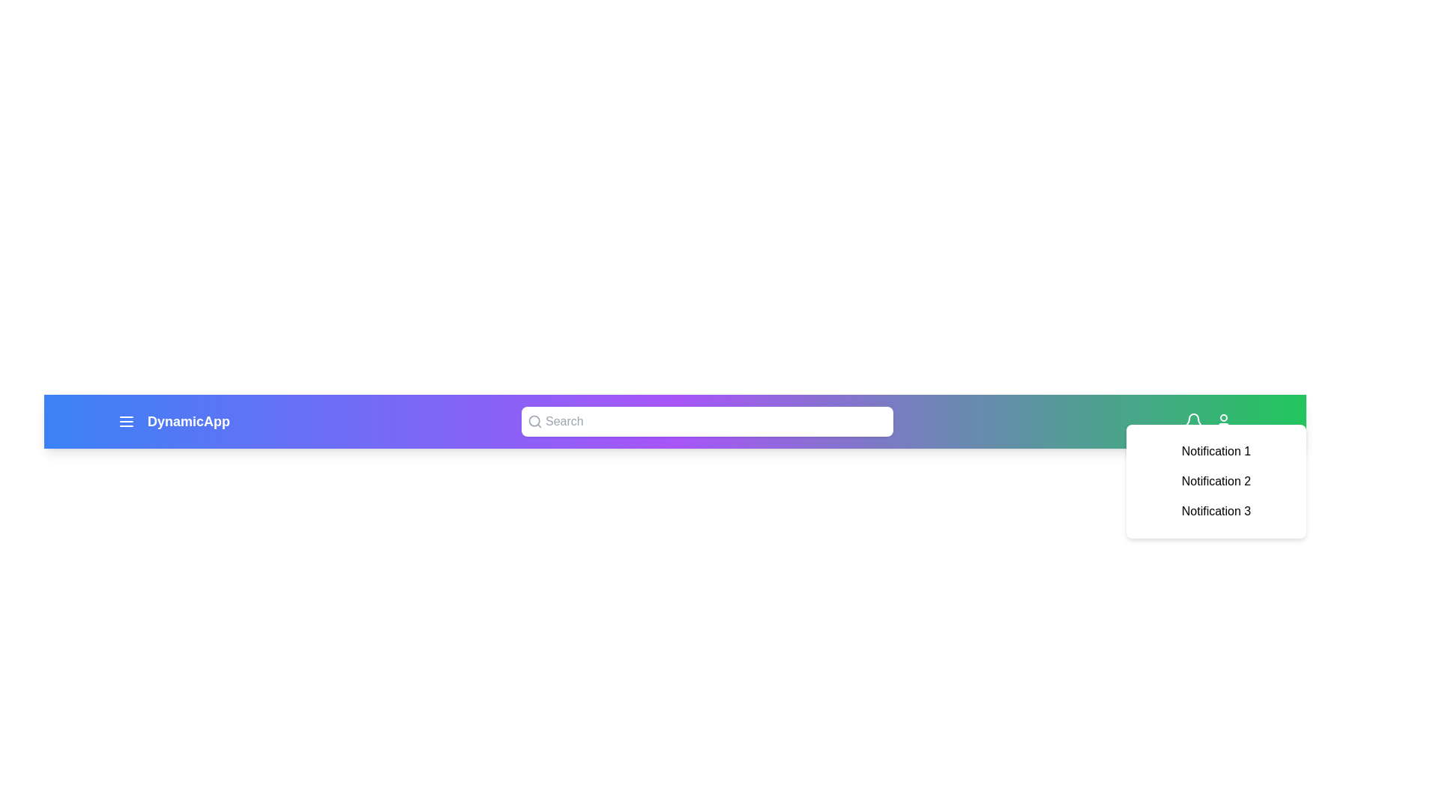 This screenshot has height=809, width=1439. What do you see at coordinates (1223, 422) in the screenshot?
I see `the user profile icon to open account options` at bounding box center [1223, 422].